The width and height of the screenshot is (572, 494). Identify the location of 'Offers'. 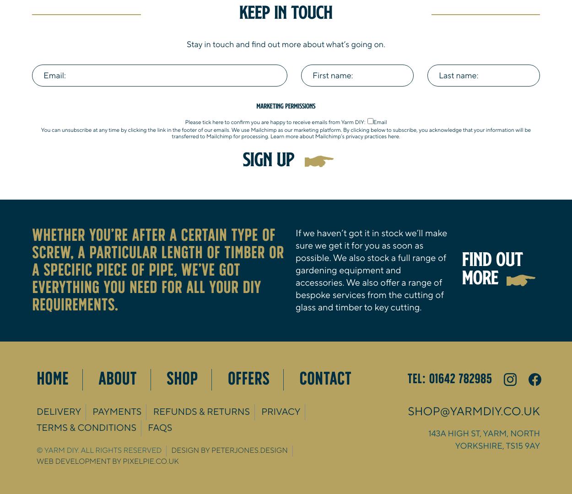
(248, 379).